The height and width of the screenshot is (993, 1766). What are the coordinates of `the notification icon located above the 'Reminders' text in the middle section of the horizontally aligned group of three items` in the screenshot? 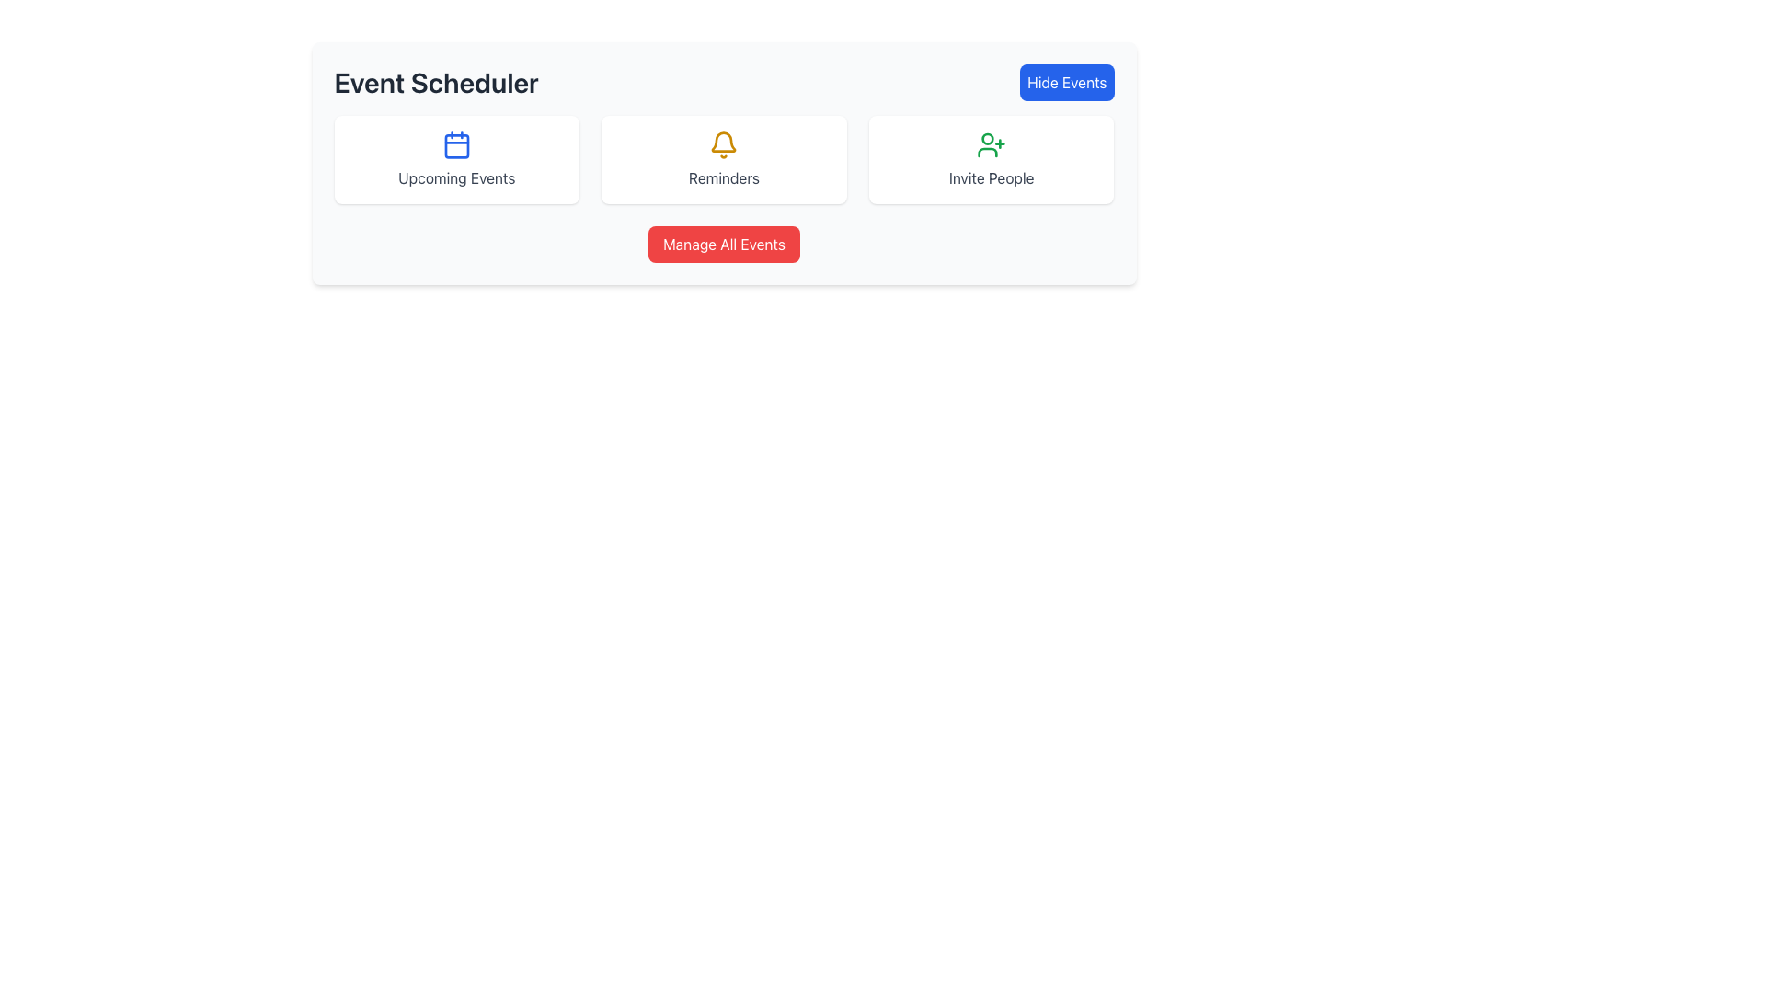 It's located at (723, 144).